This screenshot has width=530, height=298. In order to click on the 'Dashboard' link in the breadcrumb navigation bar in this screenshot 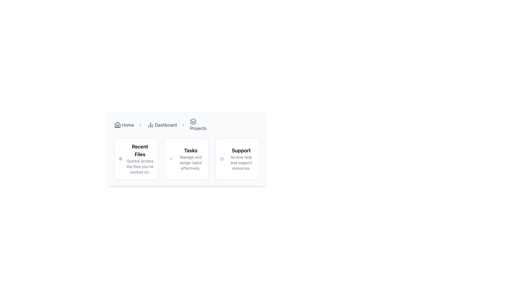, I will do `click(161, 125)`.